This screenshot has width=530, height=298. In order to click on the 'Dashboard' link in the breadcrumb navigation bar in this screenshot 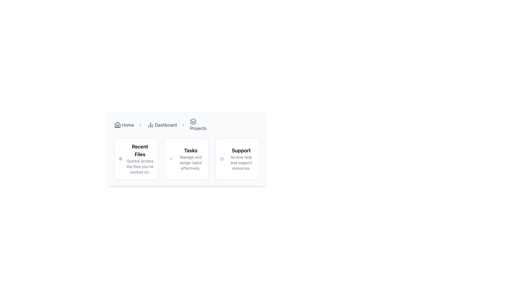, I will do `click(161, 125)`.